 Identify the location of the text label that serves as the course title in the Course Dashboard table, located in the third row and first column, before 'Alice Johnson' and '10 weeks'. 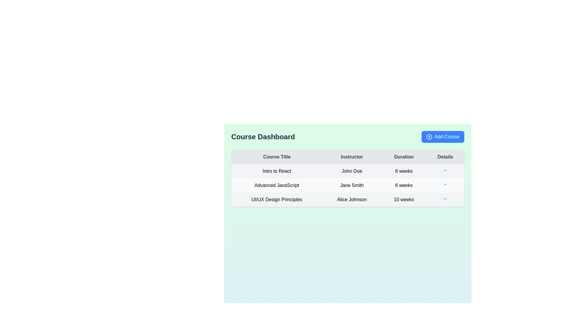
(276, 200).